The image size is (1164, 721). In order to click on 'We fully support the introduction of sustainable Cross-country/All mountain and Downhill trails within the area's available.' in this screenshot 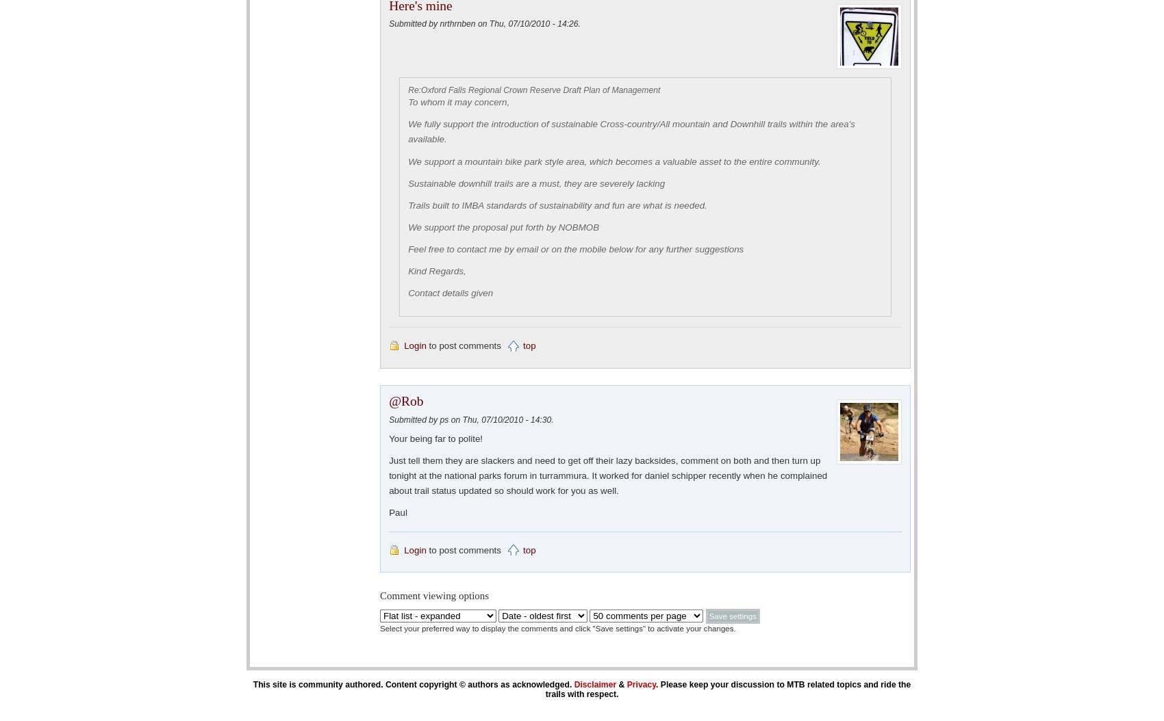, I will do `click(631, 131)`.